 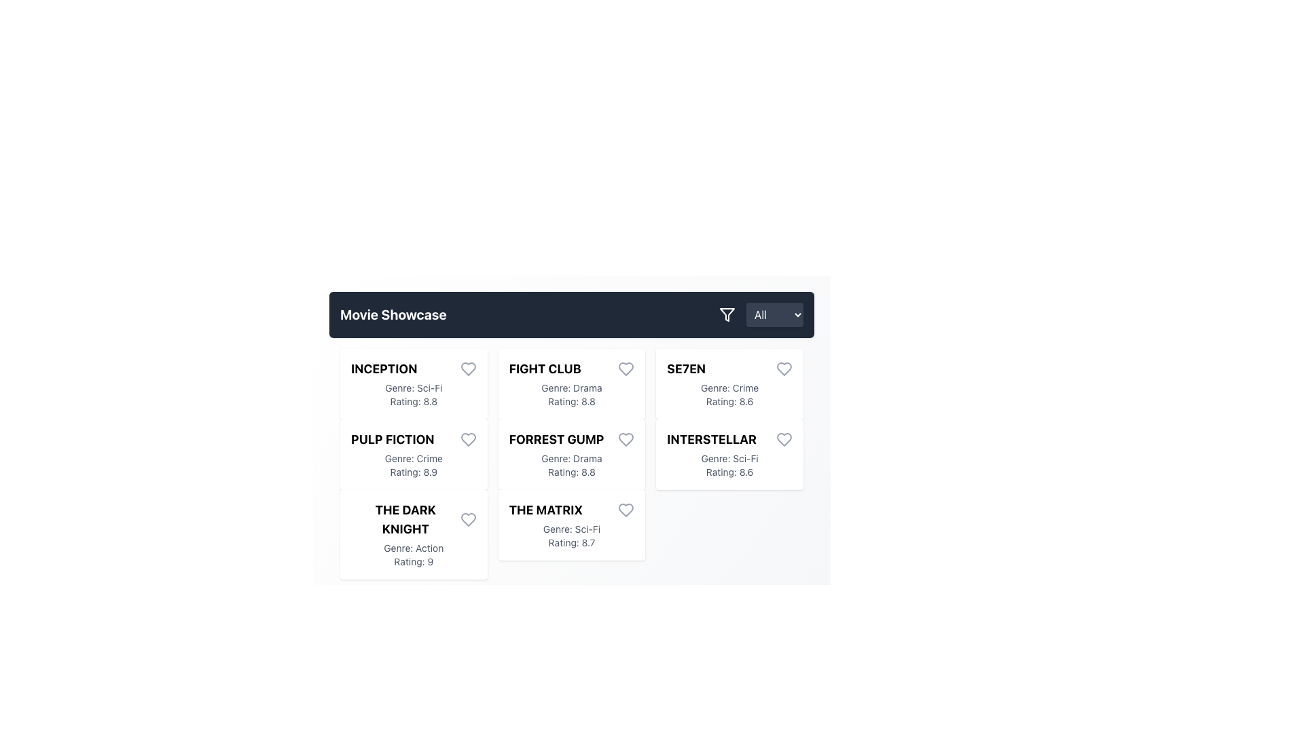 I want to click on the heart icon, so click(x=784, y=369).